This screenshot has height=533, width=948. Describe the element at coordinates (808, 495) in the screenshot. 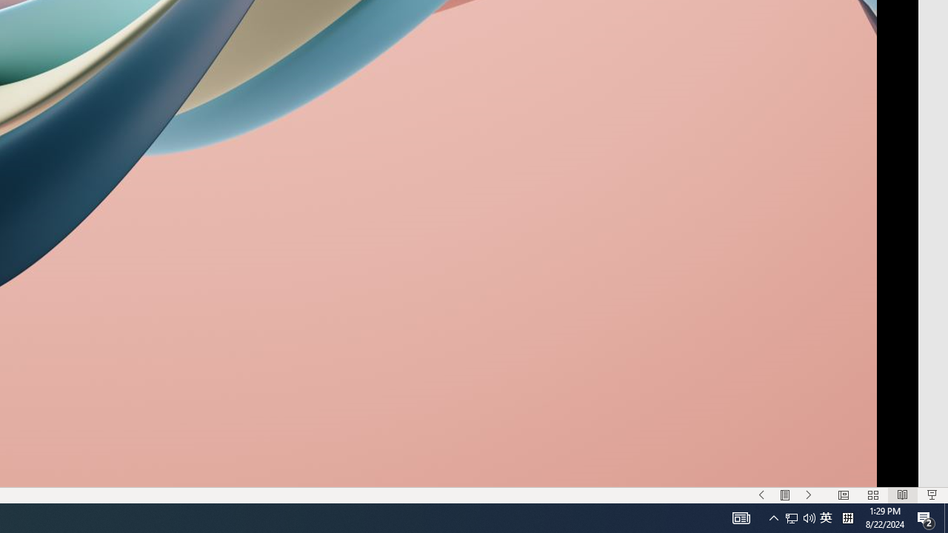

I see `'Slide Show Next On'` at that location.